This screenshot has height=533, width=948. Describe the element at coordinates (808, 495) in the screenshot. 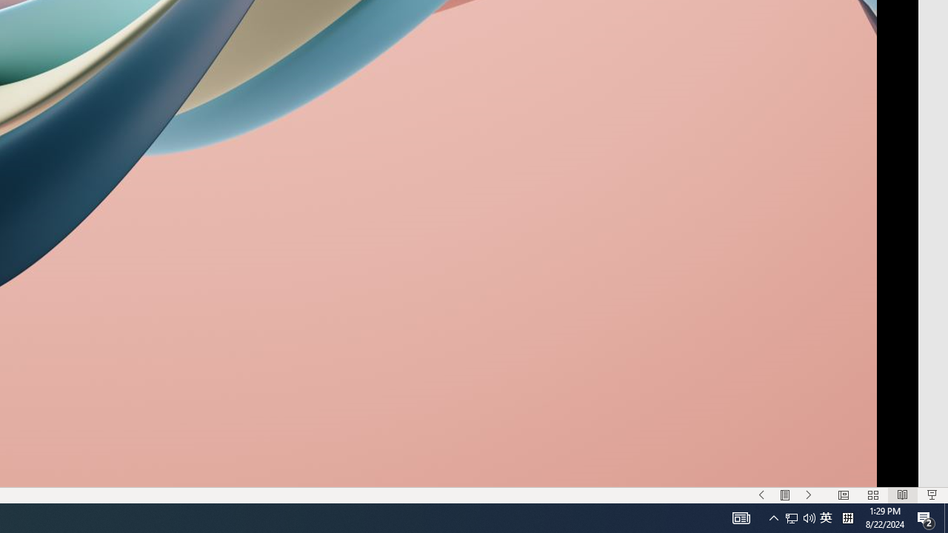

I see `'Slide Show Next On'` at that location.